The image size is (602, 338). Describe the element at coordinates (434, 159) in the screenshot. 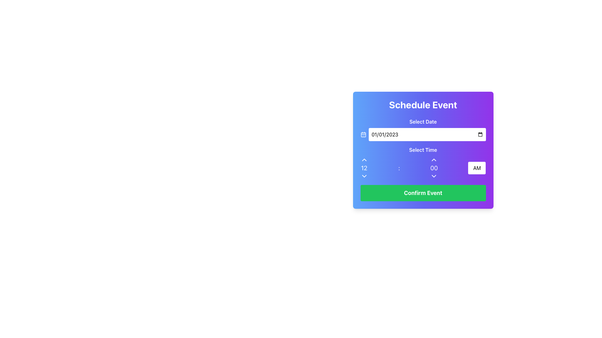

I see `the upward-pointing chevron button located on the right side of the time selection component to increment the value` at that location.